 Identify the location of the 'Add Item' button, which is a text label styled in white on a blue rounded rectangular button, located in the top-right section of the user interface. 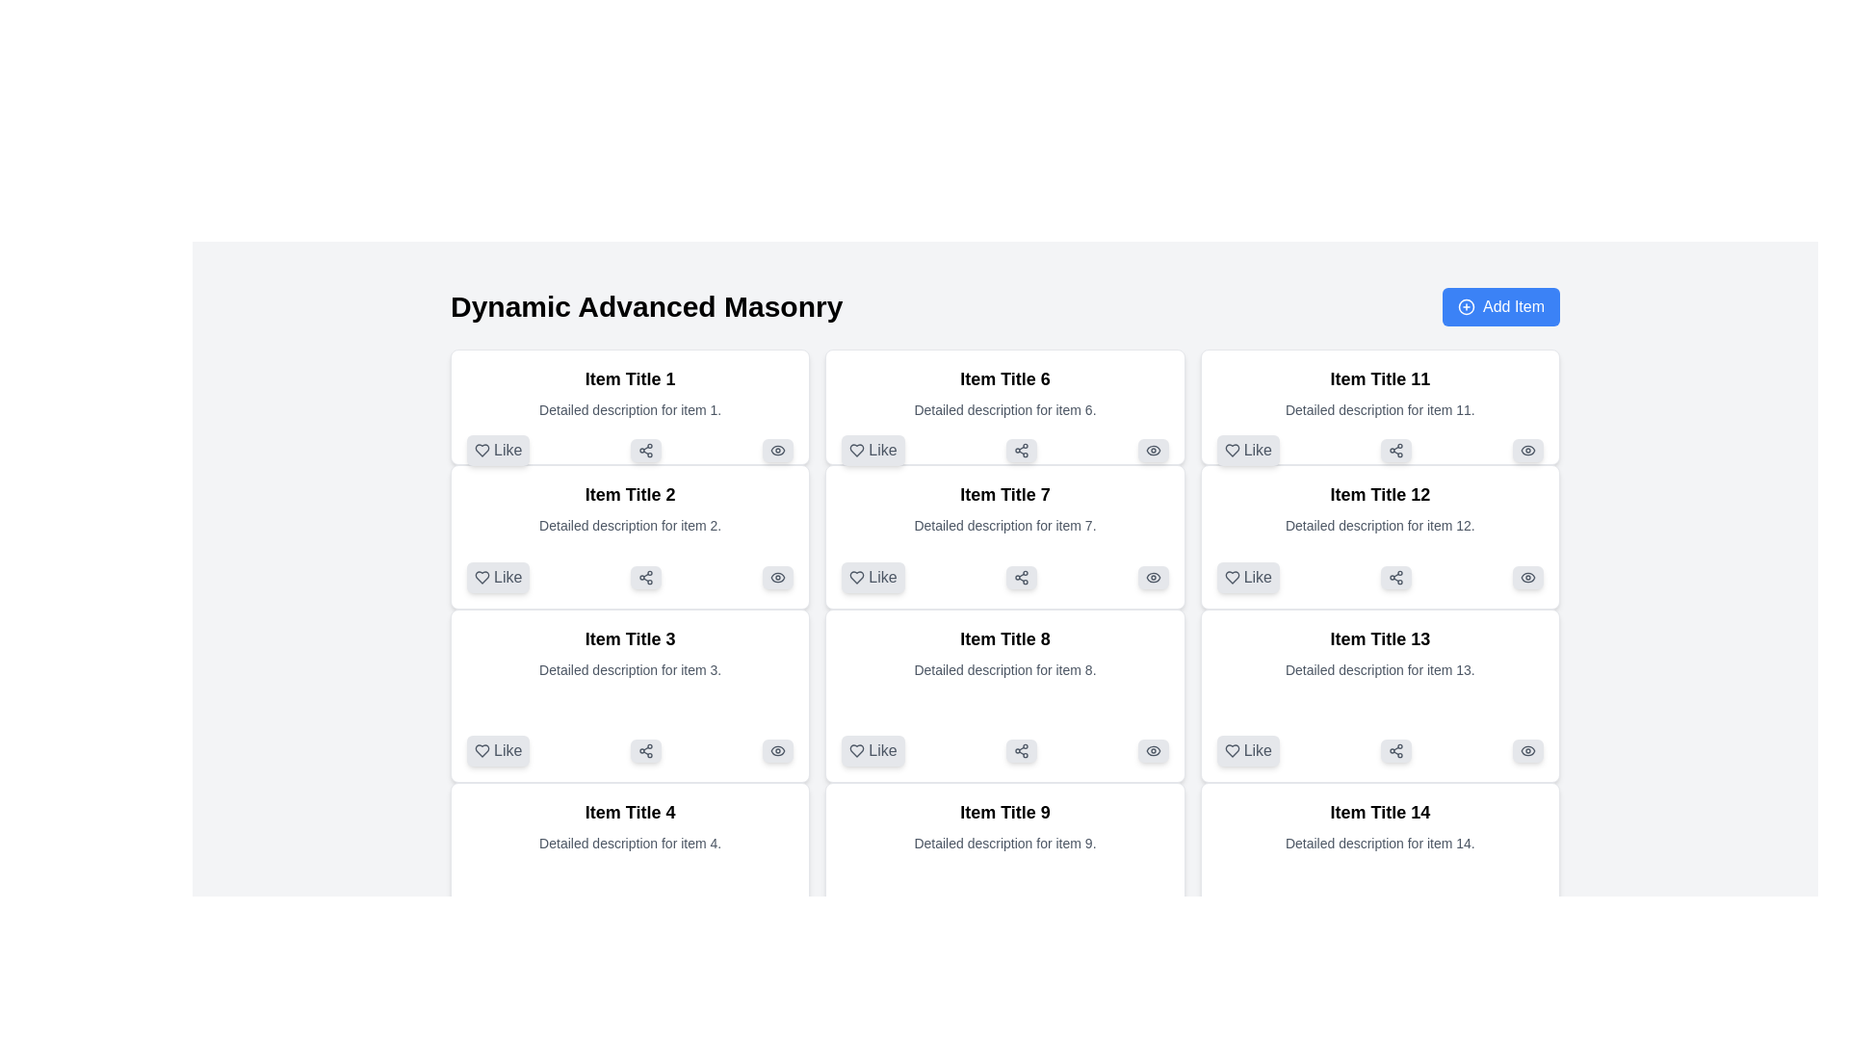
(1512, 306).